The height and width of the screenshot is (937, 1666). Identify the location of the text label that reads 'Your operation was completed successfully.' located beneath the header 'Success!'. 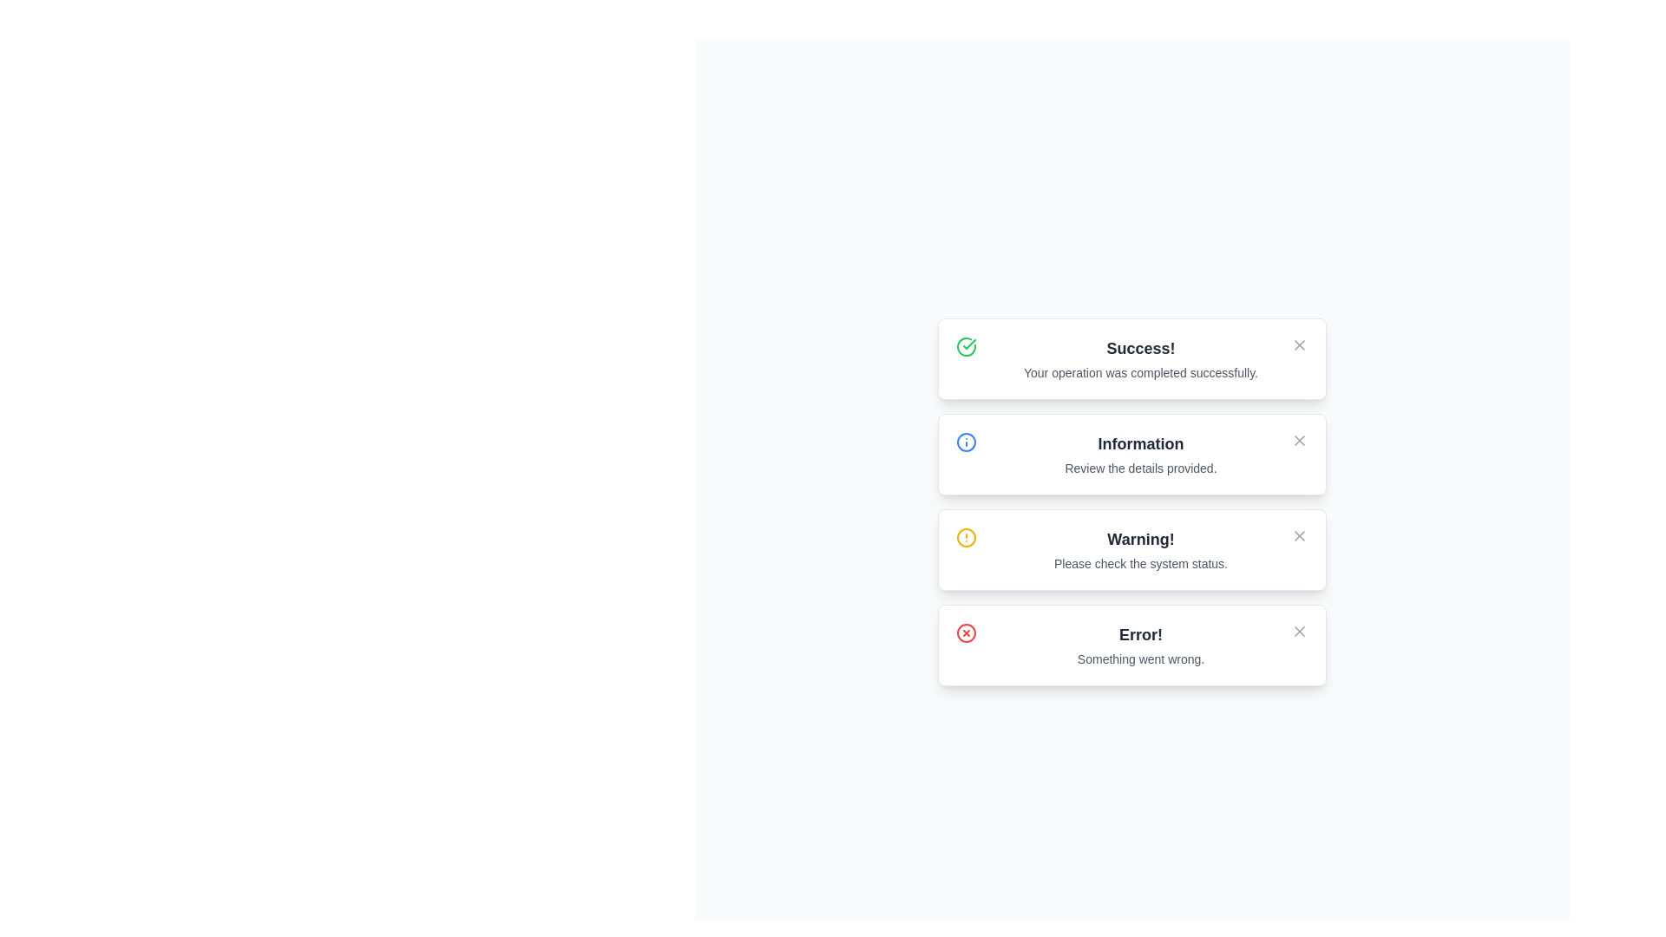
(1141, 371).